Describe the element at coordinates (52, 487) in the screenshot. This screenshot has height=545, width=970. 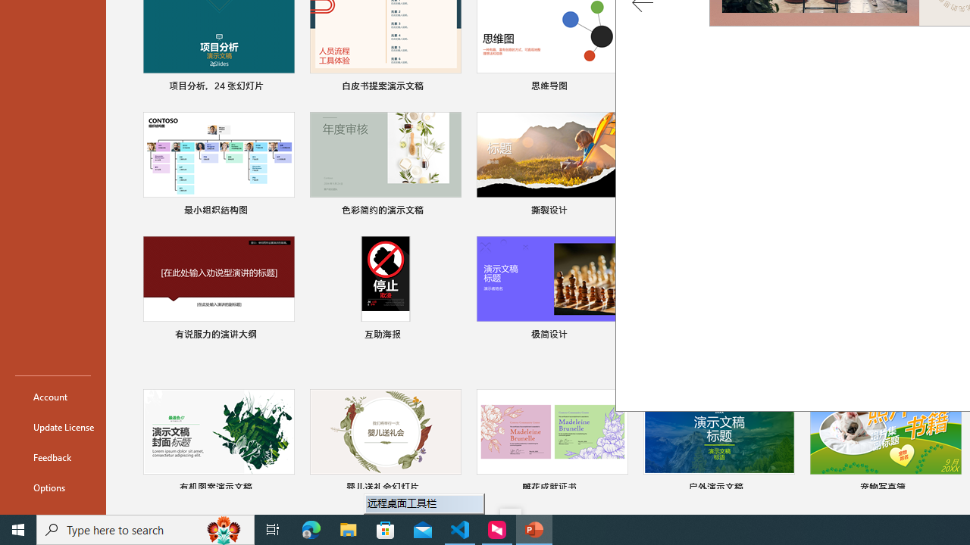
I see `'Options'` at that location.